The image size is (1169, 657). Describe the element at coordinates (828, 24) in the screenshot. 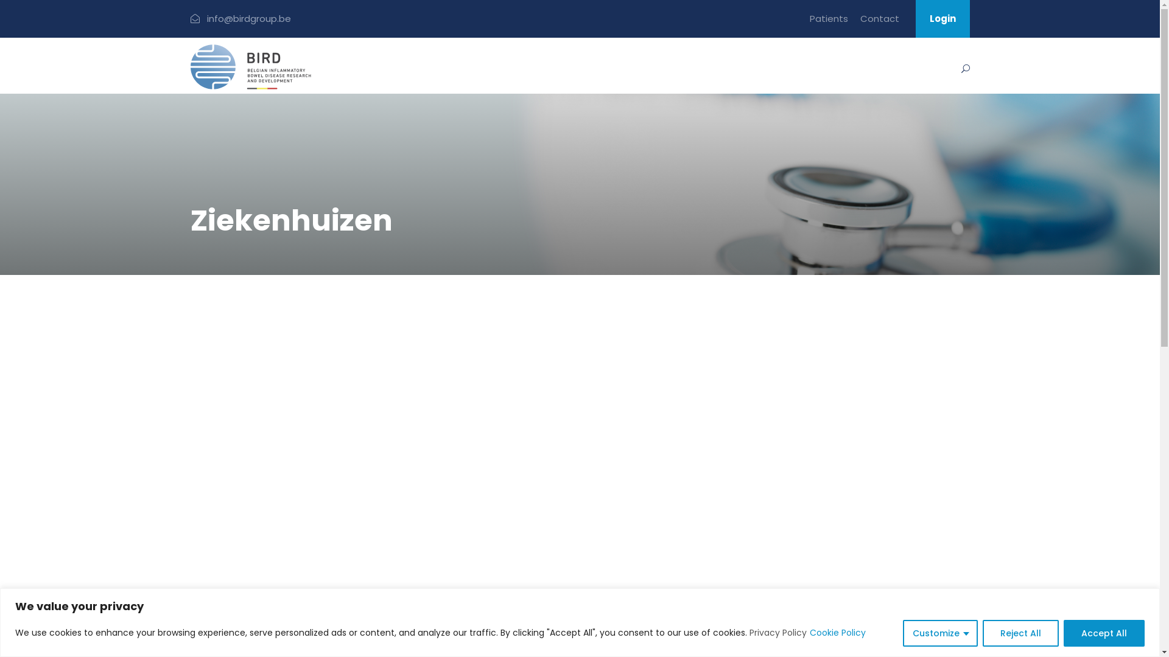

I see `'Patients'` at that location.